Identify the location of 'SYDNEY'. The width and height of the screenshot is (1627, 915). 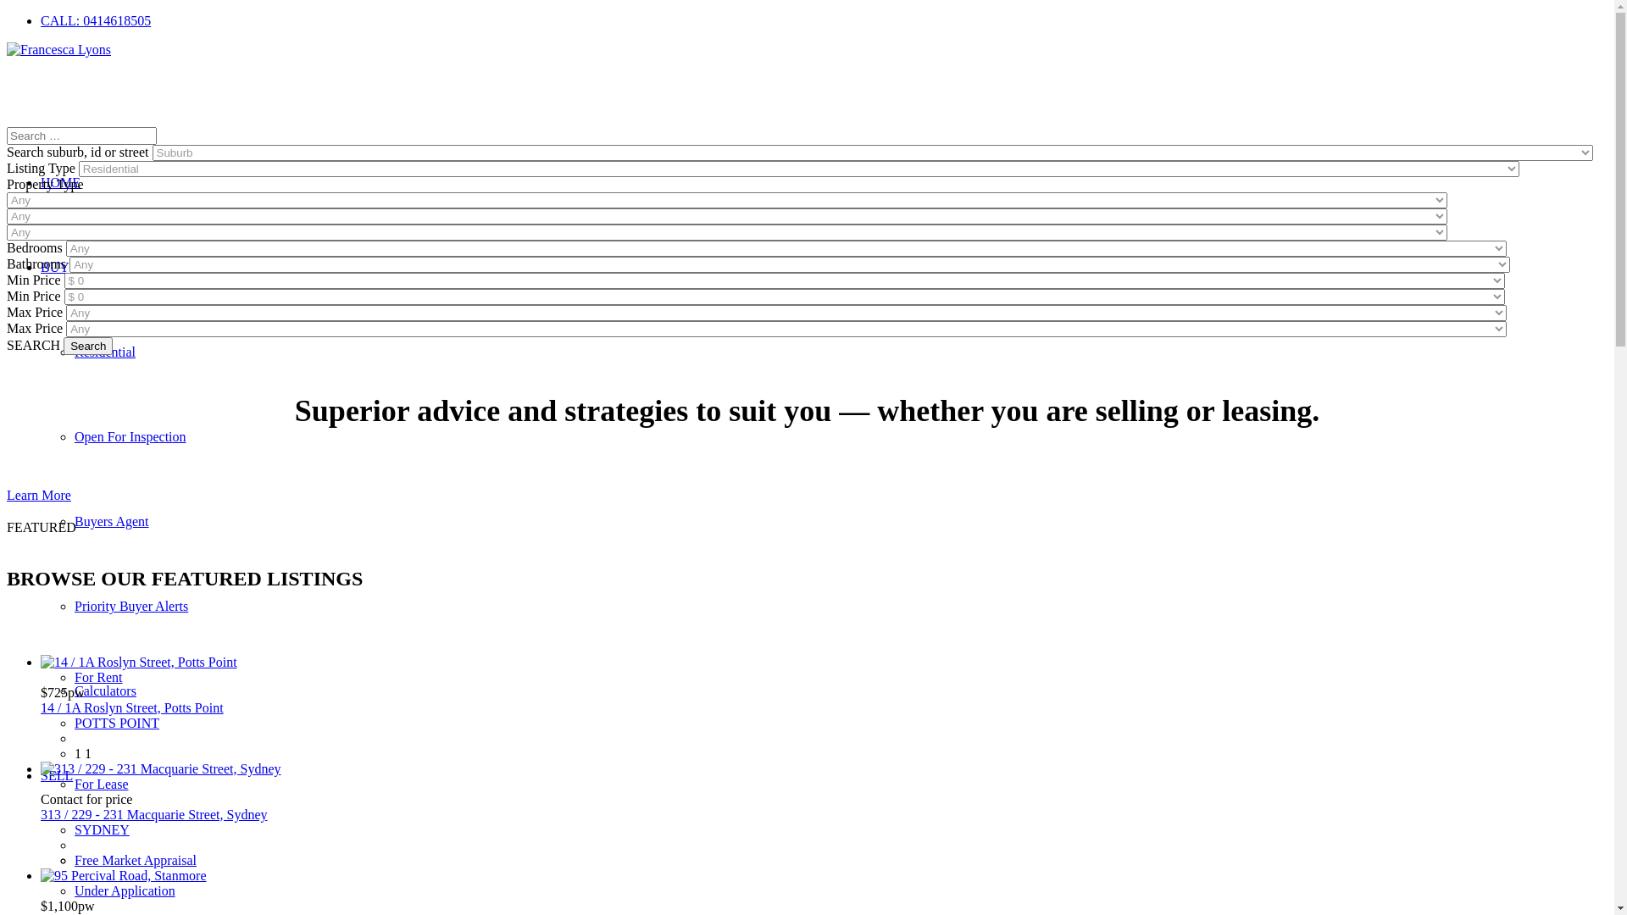
(101, 829).